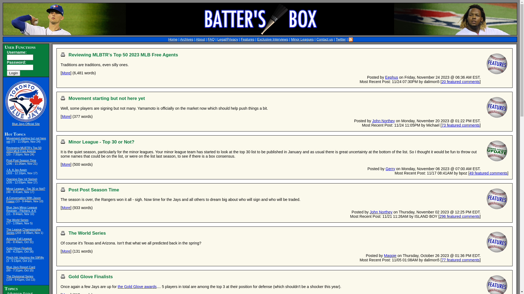  I want to click on '296 featured comments', so click(459, 216).